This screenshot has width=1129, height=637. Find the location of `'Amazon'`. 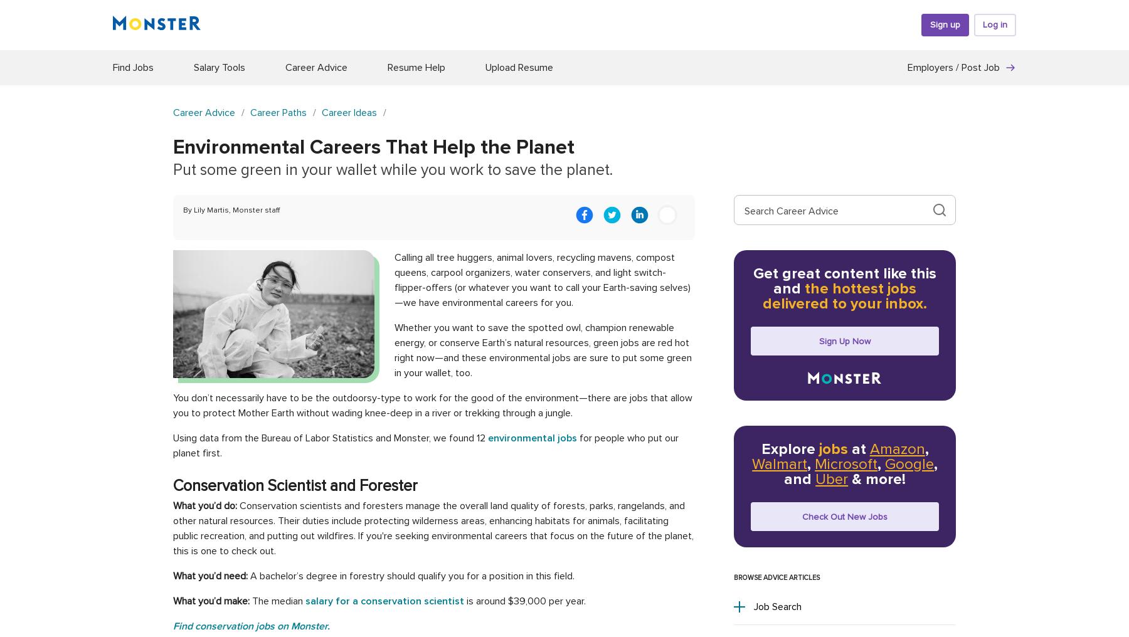

'Amazon' is located at coordinates (896, 449).